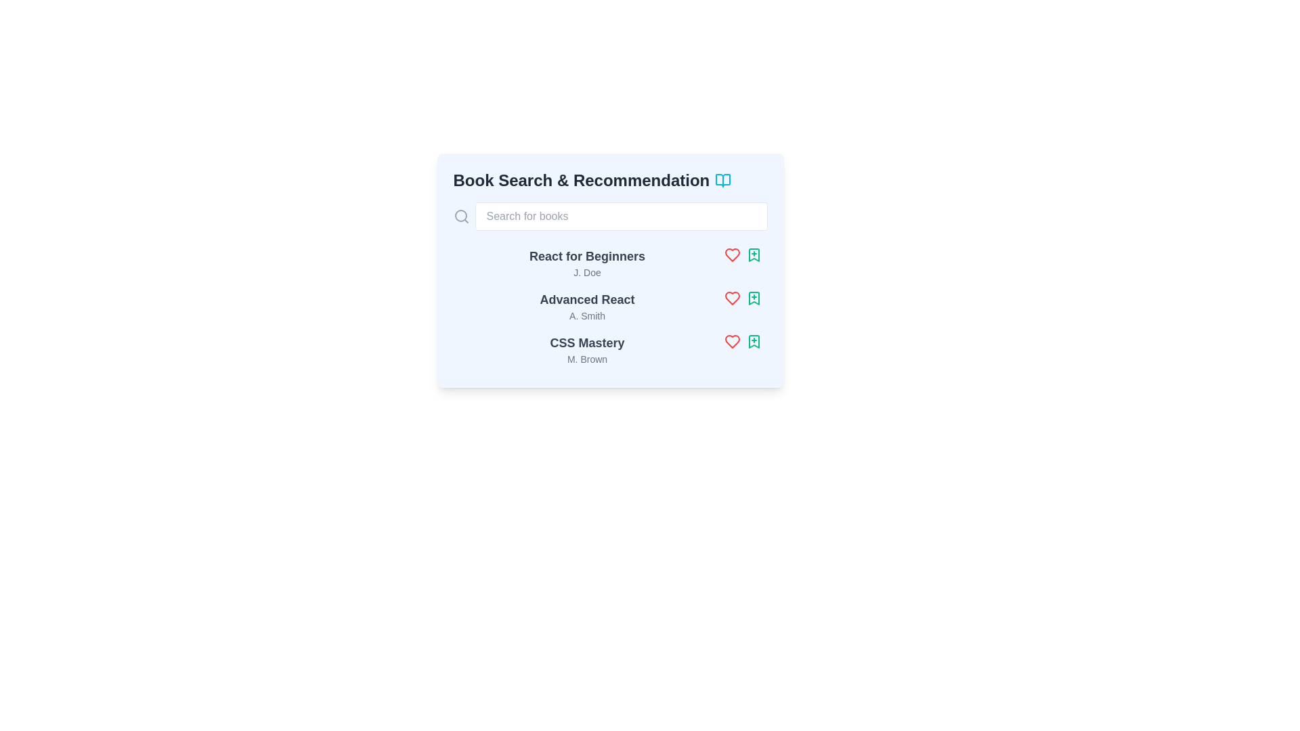  Describe the element at coordinates (731, 297) in the screenshot. I see `the heart-shaped icon on the right side of the interface, associated with the 'Advanced React' list item by A. Smith` at that location.